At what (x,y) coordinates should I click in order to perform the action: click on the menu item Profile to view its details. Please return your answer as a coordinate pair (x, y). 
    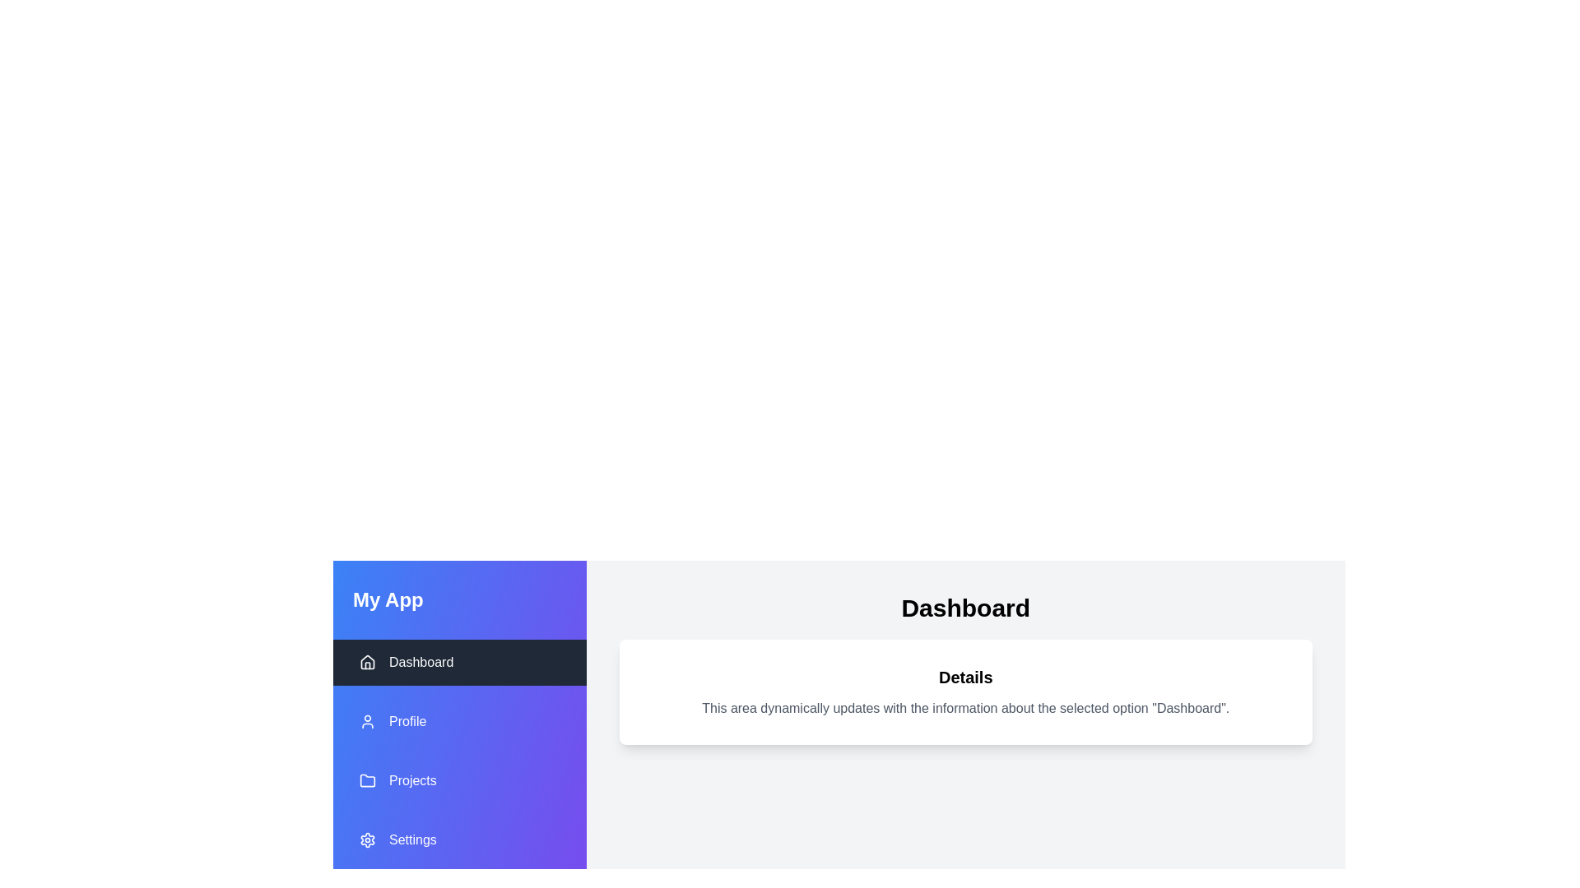
    Looking at the image, I should click on (459, 721).